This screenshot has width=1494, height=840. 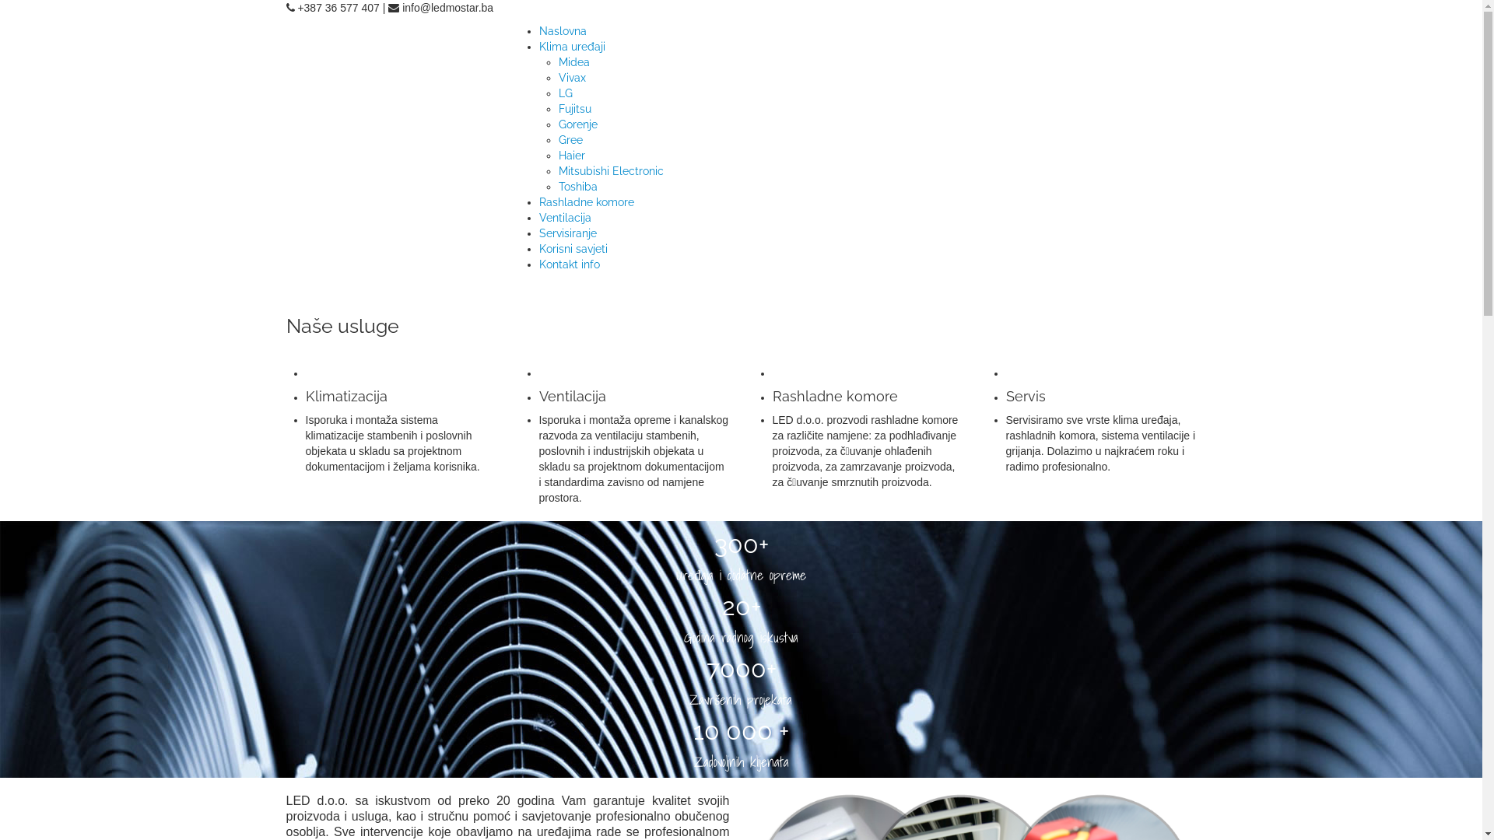 What do you see at coordinates (577, 185) in the screenshot?
I see `'Toshiba'` at bounding box center [577, 185].